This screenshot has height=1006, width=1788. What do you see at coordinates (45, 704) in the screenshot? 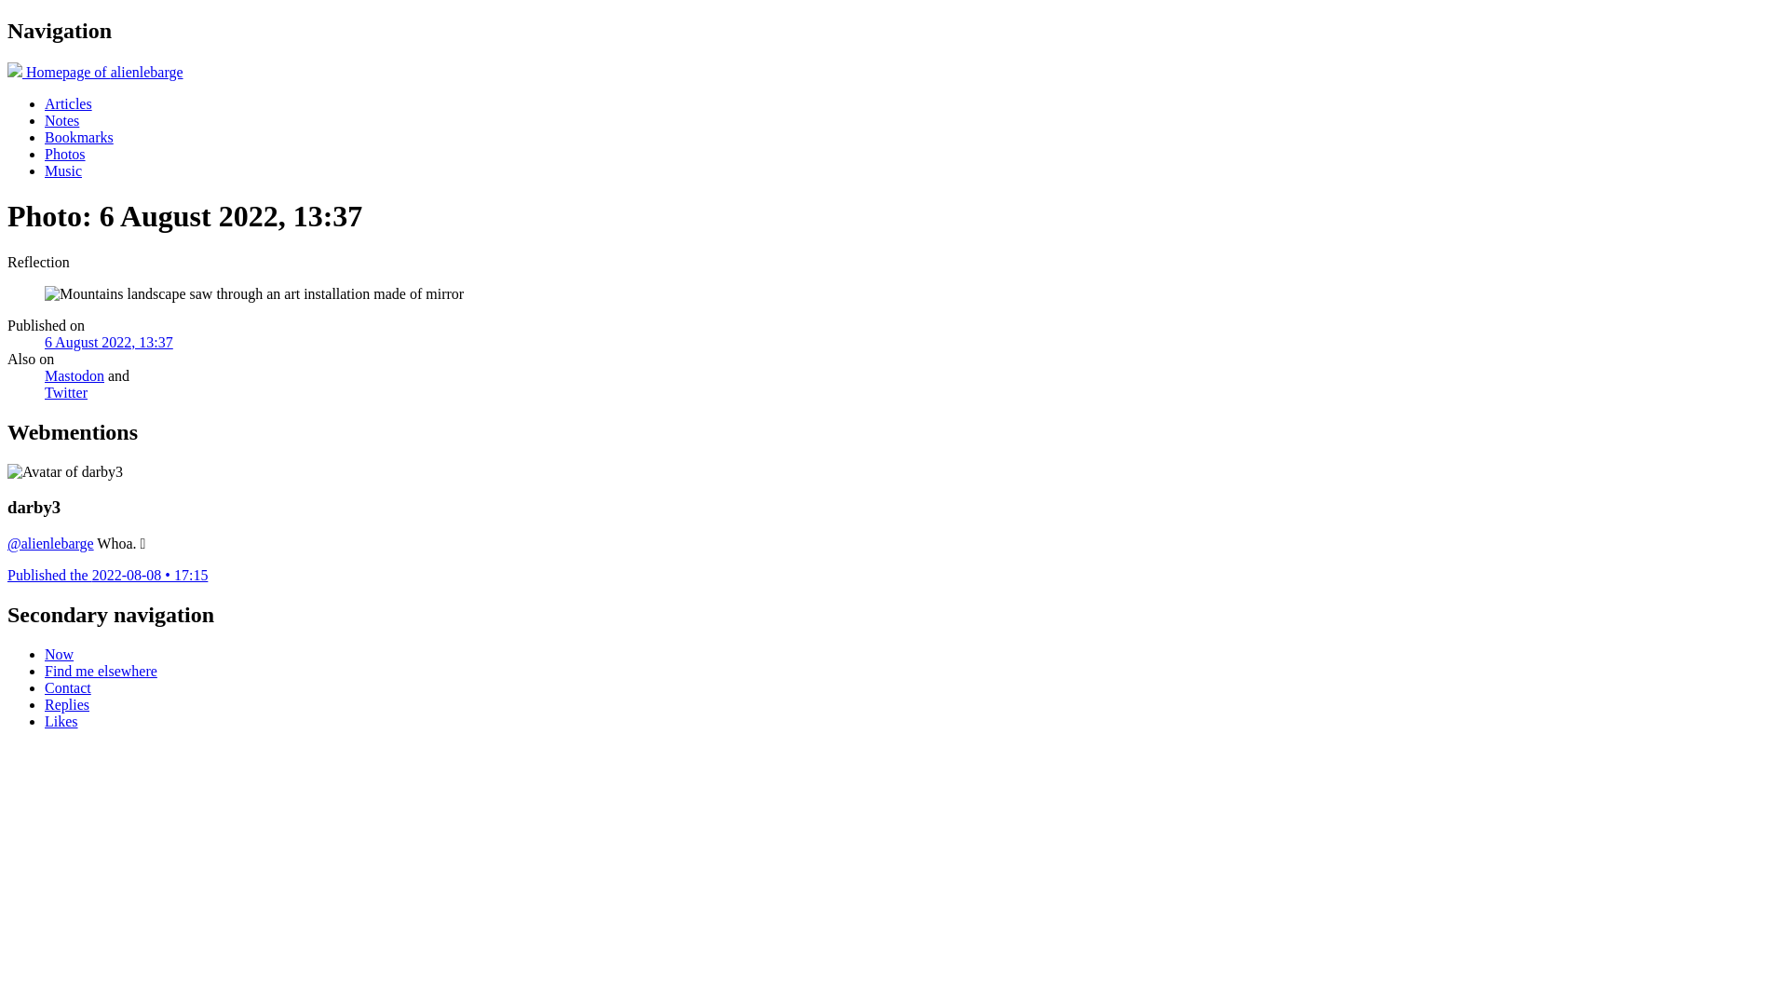
I see `'Replies'` at bounding box center [45, 704].